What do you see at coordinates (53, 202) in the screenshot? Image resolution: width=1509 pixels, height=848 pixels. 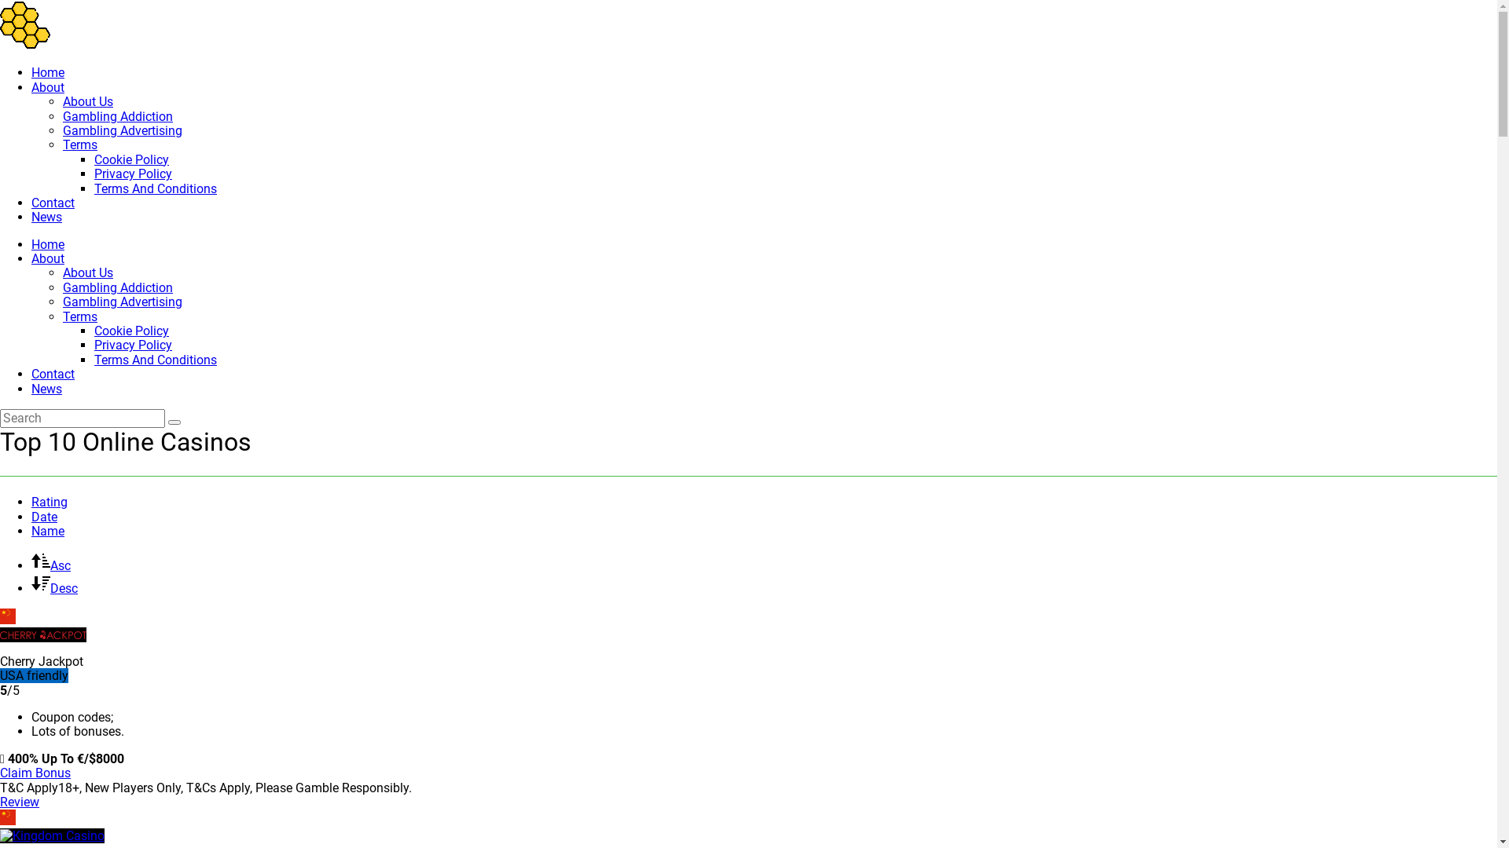 I see `'Contact'` at bounding box center [53, 202].